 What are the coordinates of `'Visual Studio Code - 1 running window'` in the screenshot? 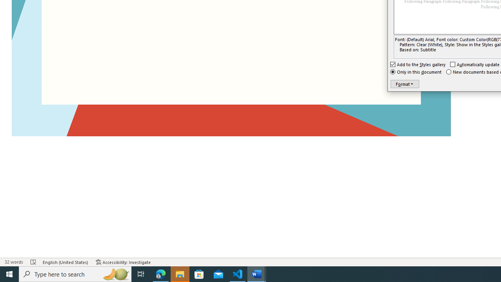 It's located at (237, 273).